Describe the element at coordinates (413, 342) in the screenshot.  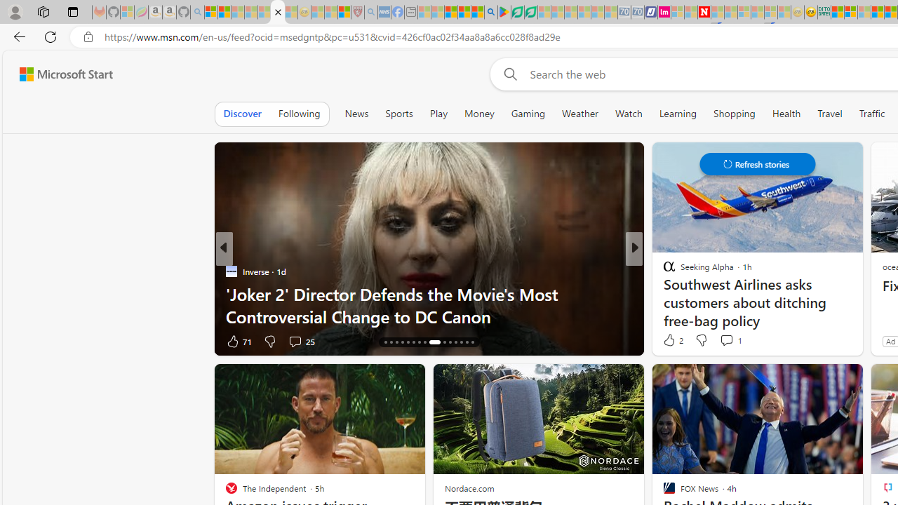
I see `'AutomationID: tab-21'` at that location.